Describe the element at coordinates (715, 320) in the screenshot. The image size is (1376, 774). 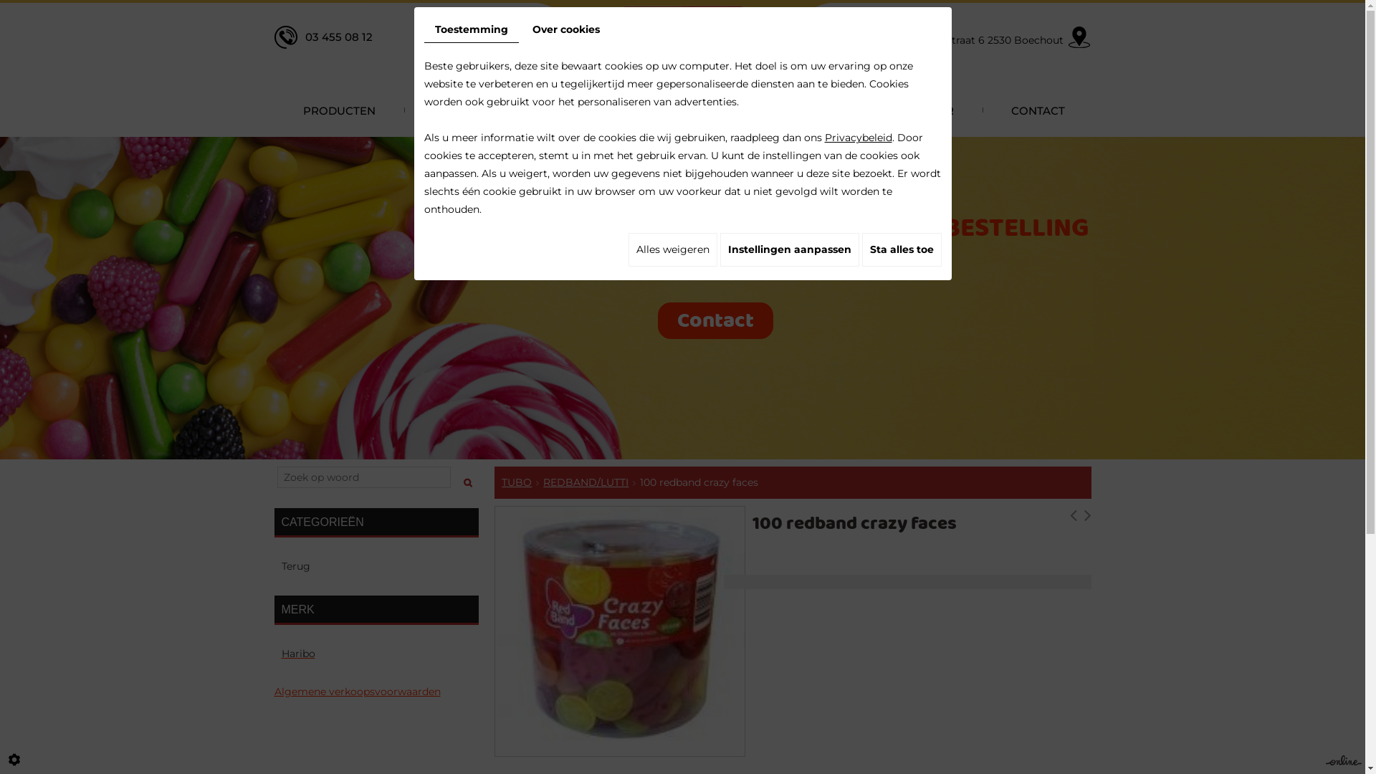
I see `'Contact'` at that location.